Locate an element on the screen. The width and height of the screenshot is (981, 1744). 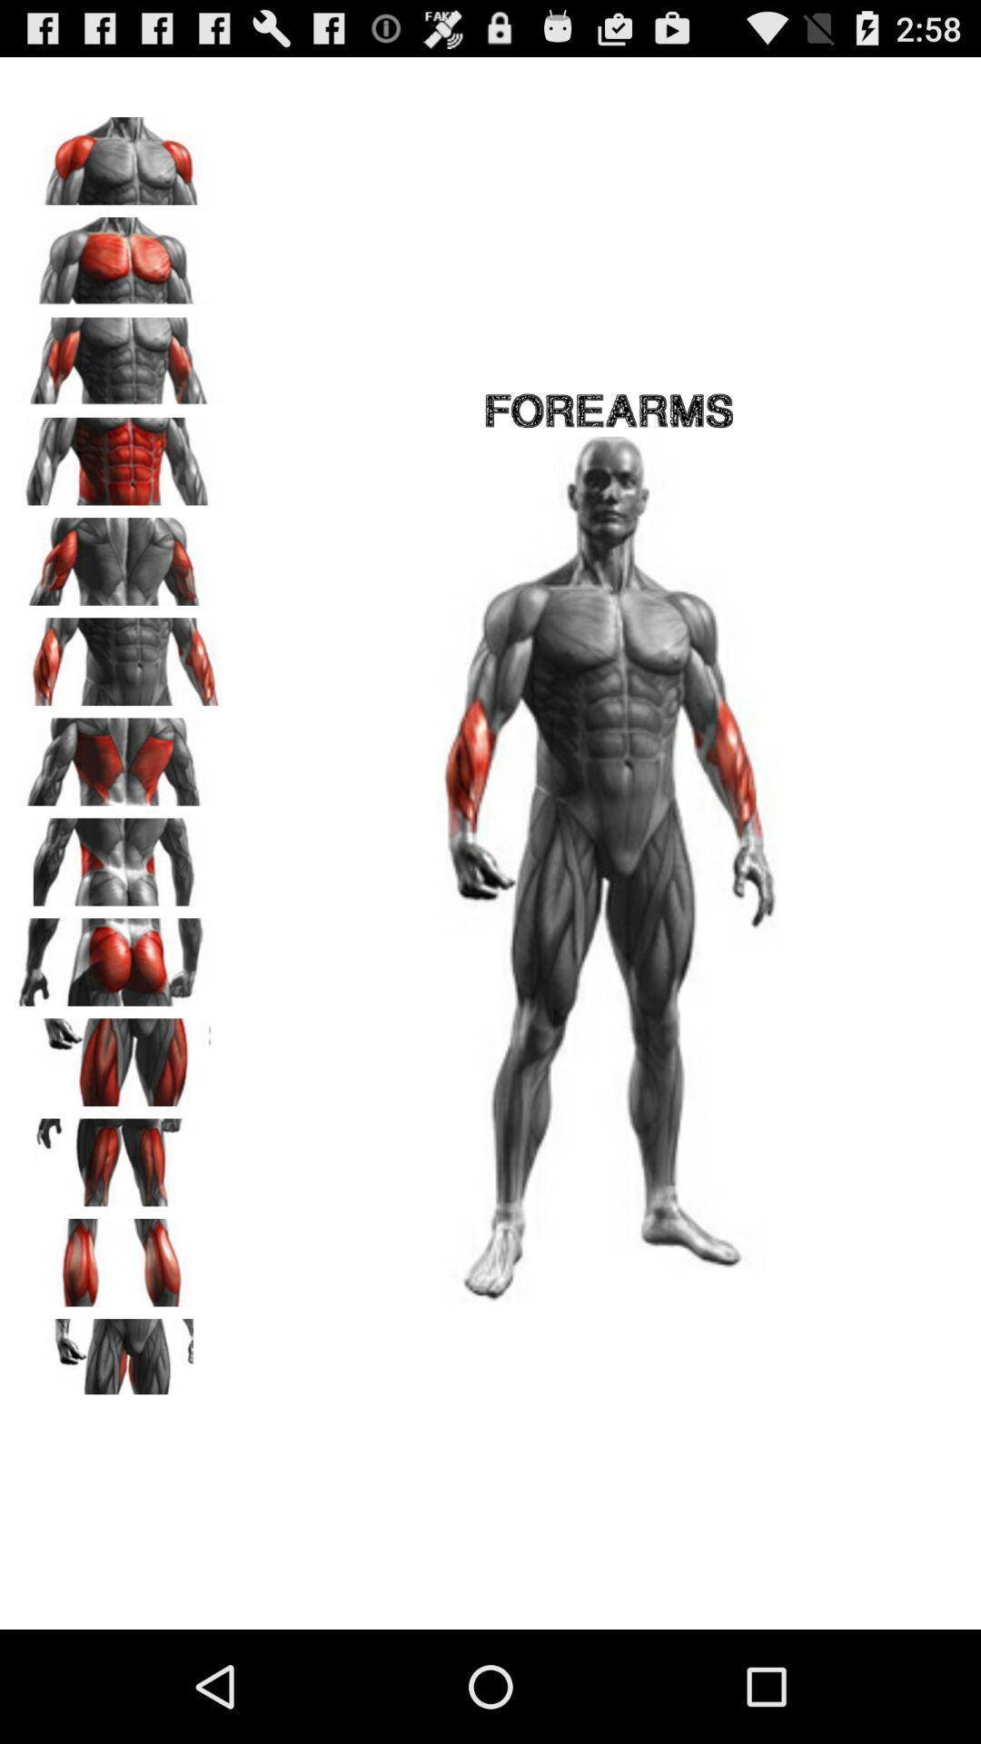
biceps workout option is located at coordinates (119, 355).